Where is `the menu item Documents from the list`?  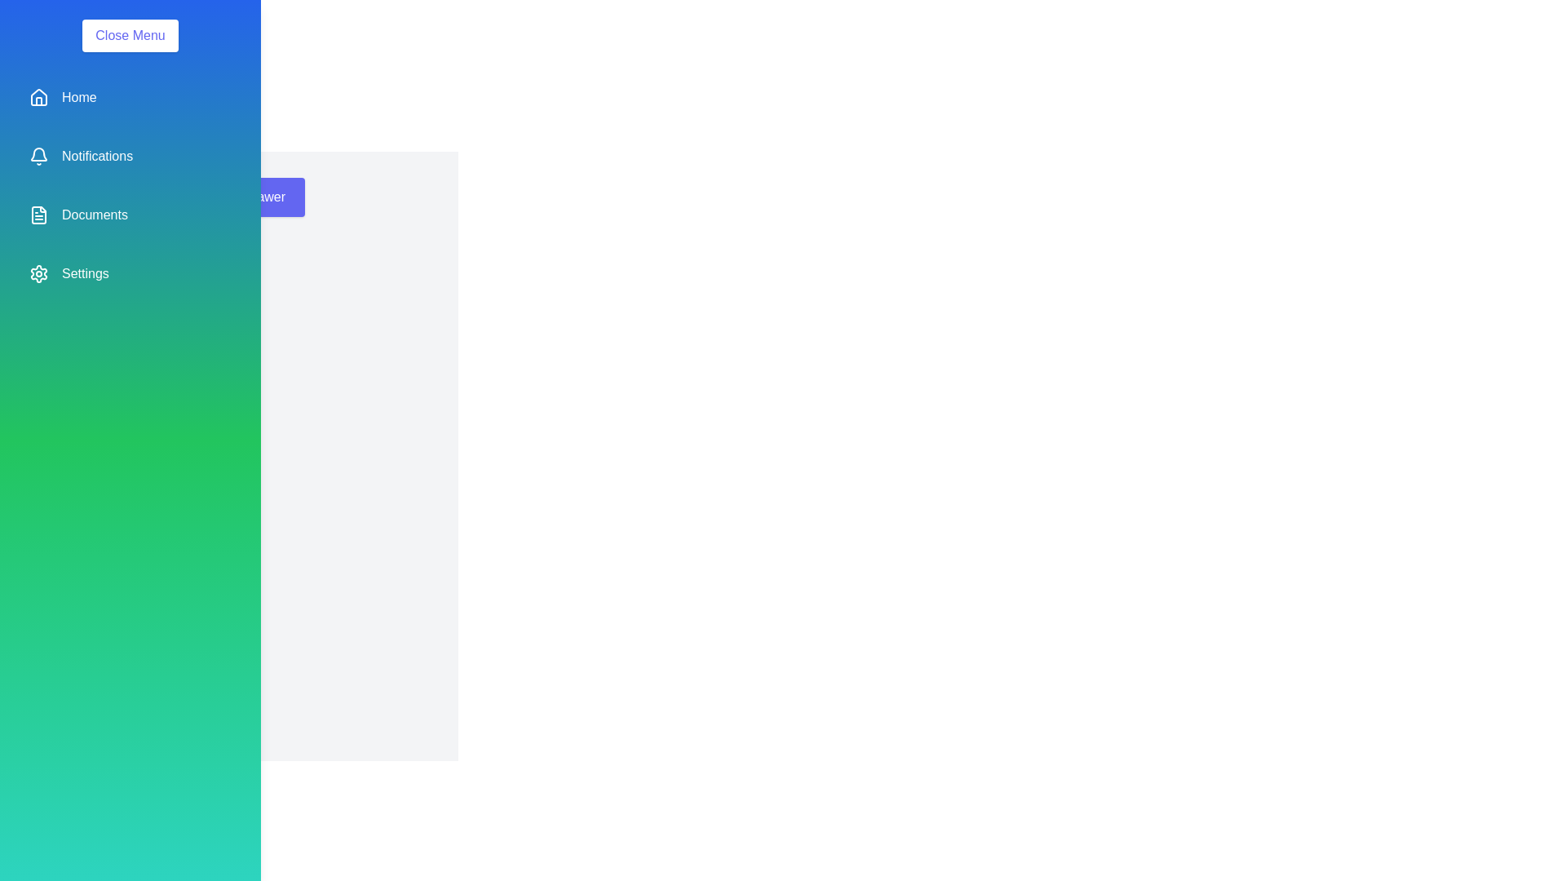 the menu item Documents from the list is located at coordinates (129, 214).